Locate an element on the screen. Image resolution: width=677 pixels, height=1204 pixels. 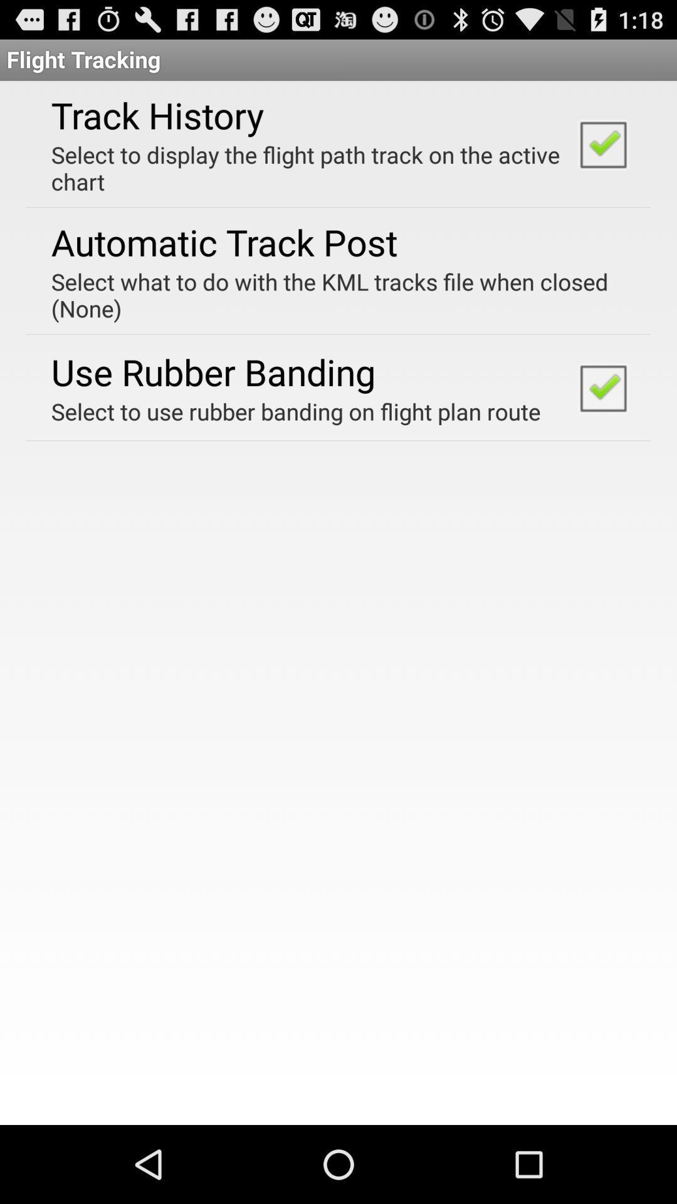
the icon above select to display item is located at coordinates (157, 115).